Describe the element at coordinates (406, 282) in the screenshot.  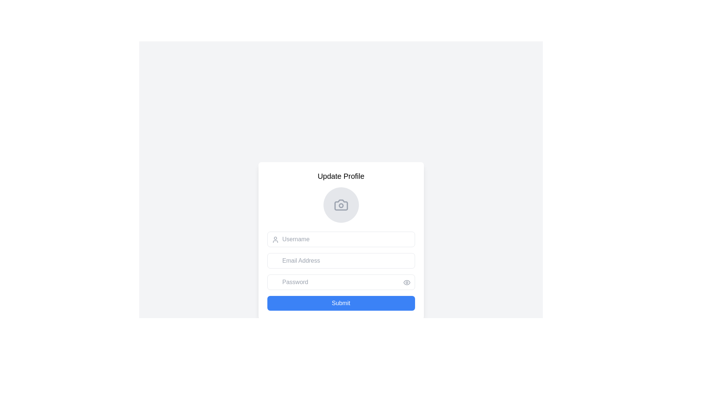
I see `the visibility toggle button located at the top-right corner of the password input field` at that location.